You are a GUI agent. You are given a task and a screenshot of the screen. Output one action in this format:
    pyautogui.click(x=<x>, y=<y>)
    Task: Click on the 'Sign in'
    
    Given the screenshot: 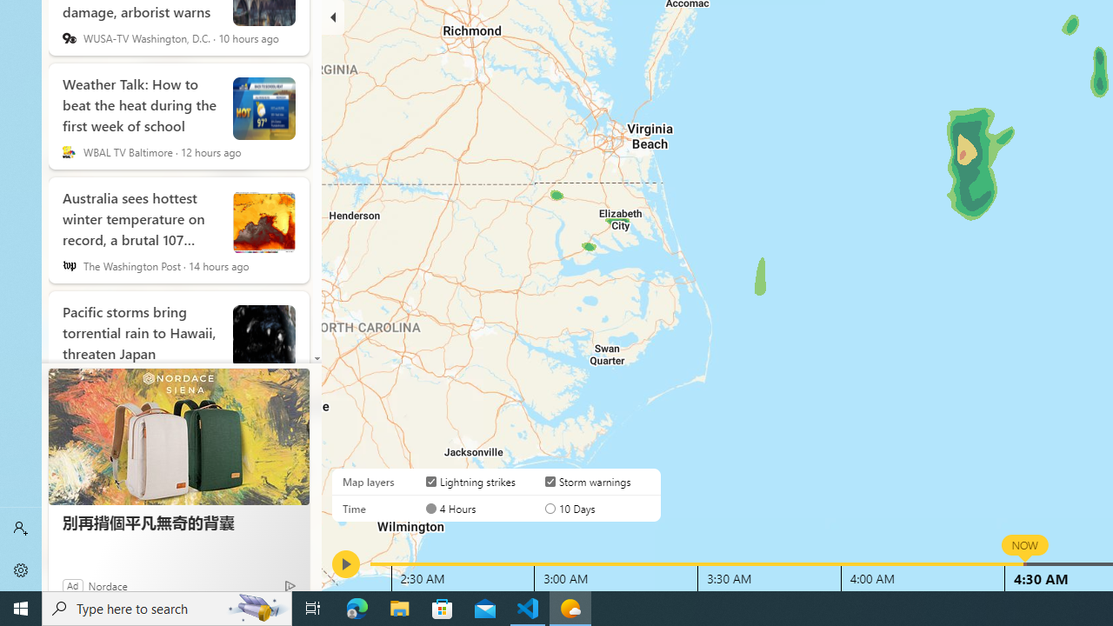 What is the action you would take?
    pyautogui.click(x=21, y=528)
    